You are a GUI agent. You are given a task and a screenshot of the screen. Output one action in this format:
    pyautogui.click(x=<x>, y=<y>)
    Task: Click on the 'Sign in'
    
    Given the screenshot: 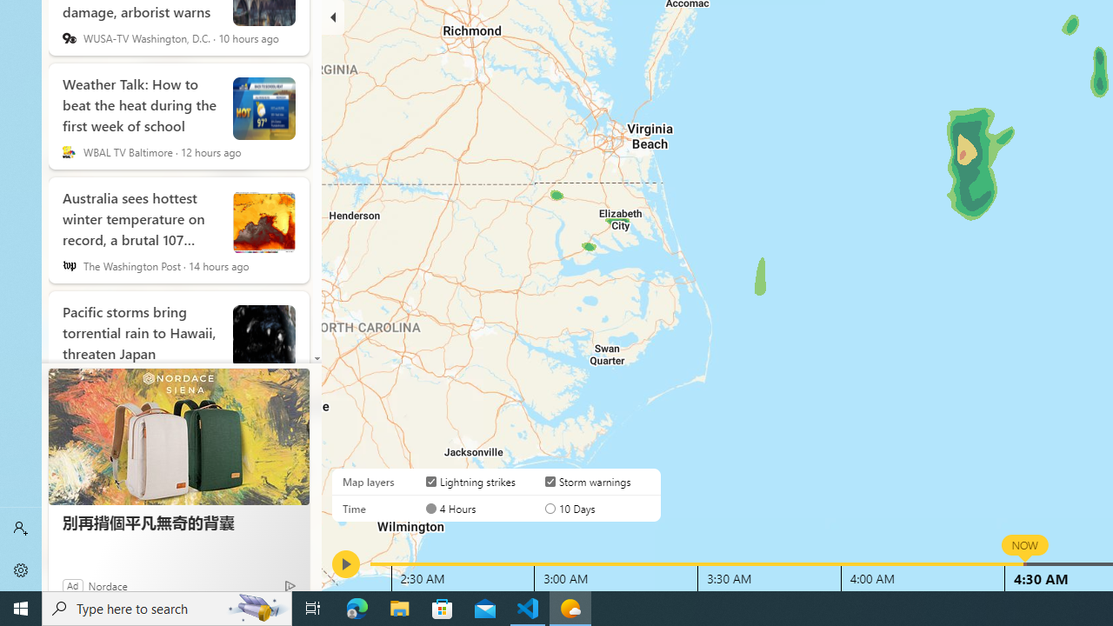 What is the action you would take?
    pyautogui.click(x=21, y=528)
    